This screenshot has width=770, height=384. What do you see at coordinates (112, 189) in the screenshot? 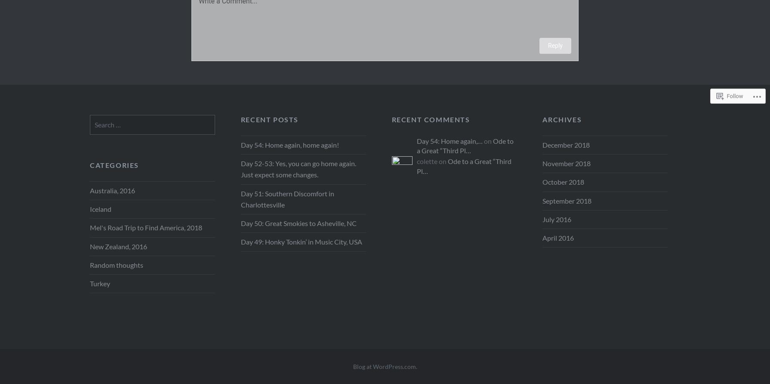
I see `'Australia, 2016'` at bounding box center [112, 189].